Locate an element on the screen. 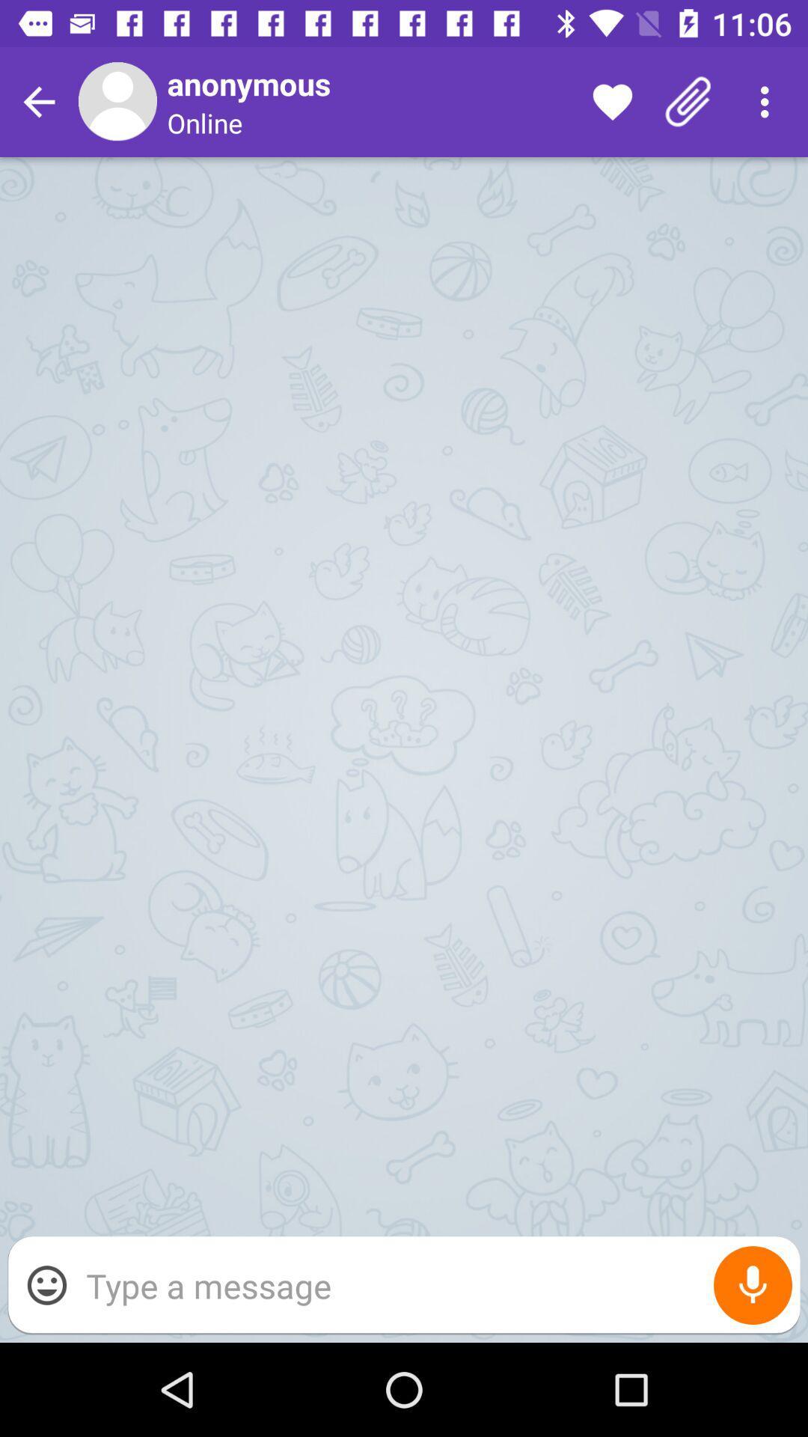 The width and height of the screenshot is (808, 1437). item next to the anonymous icon is located at coordinates (612, 101).